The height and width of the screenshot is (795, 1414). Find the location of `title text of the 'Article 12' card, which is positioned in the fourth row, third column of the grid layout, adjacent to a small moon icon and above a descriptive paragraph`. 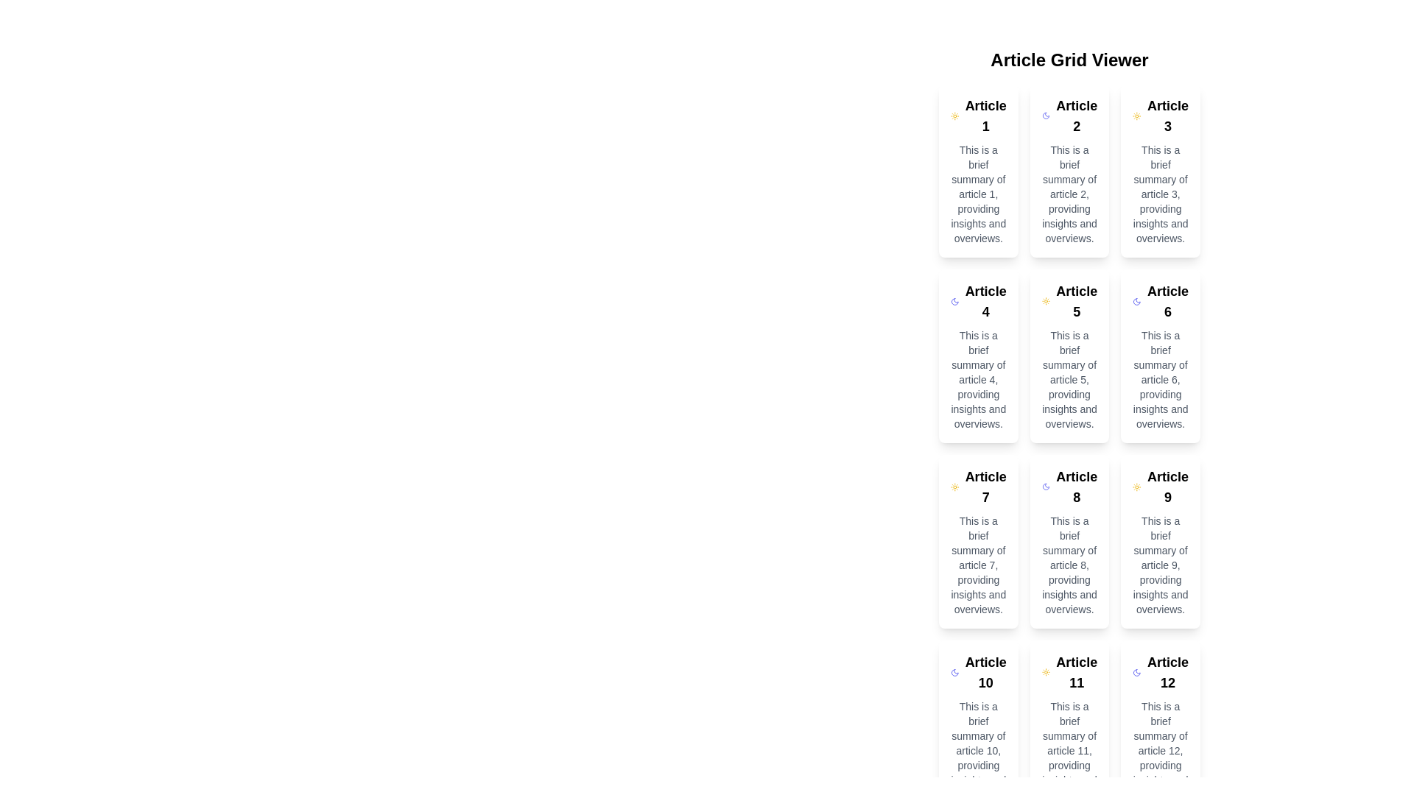

title text of the 'Article 12' card, which is positioned in the fourth row, third column of the grid layout, adjacent to a small moon icon and above a descriptive paragraph is located at coordinates (1160, 673).